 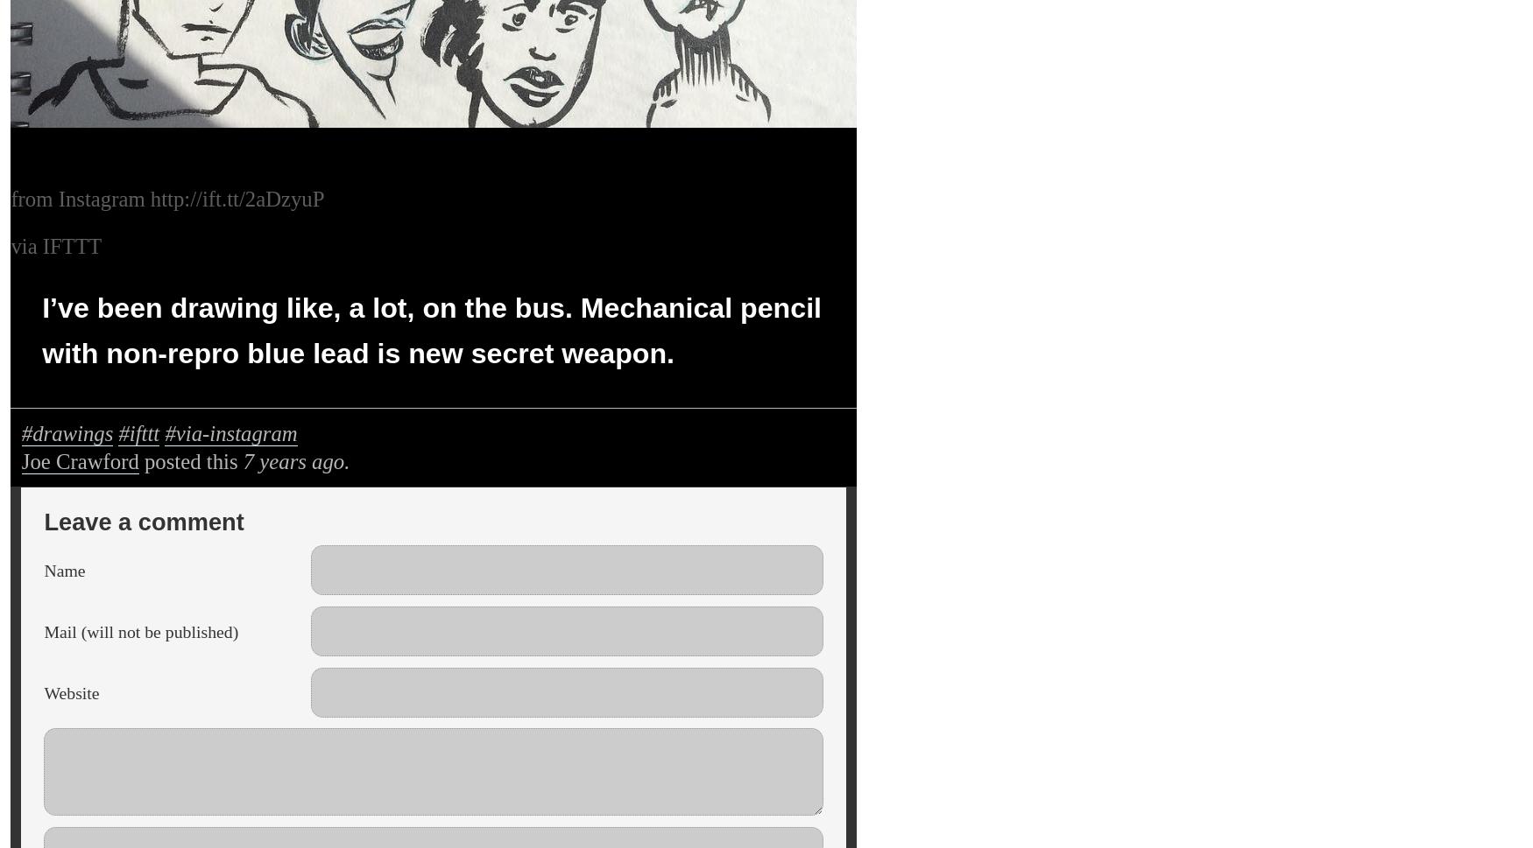 I want to click on 'I’ve been drawing like, a lot, on the bus. Mechanical pencil with non-repro blue lead is new secret weapon.', so click(x=431, y=330).